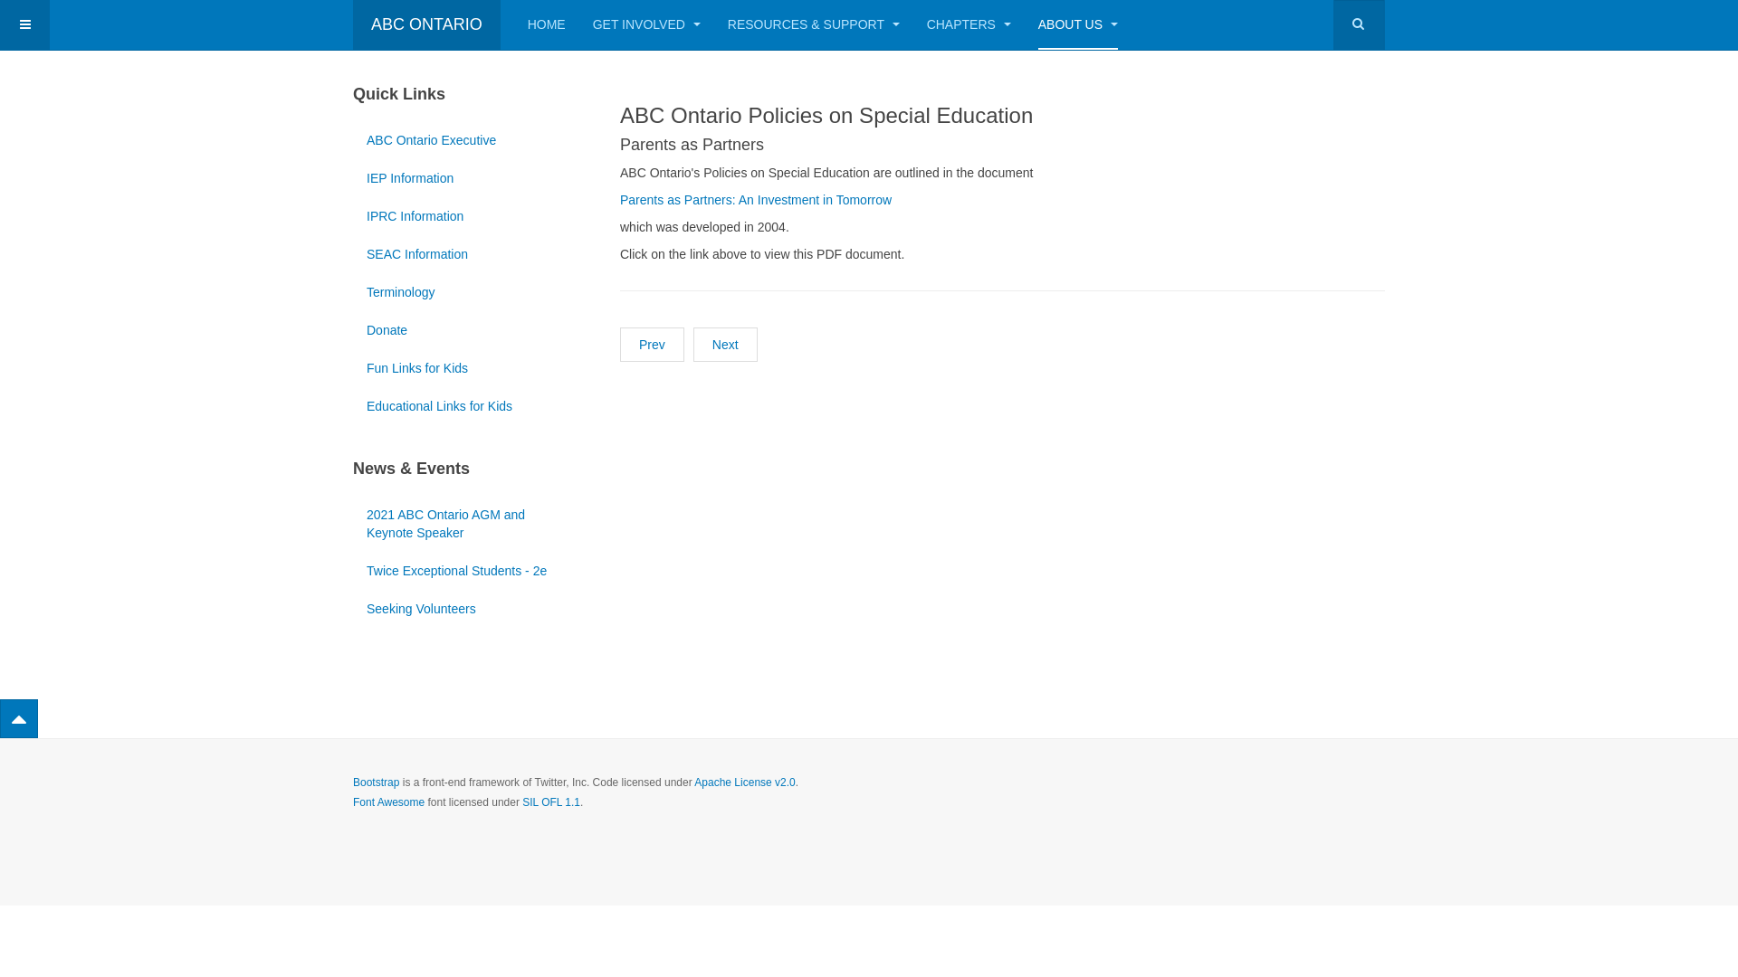  What do you see at coordinates (468, 404) in the screenshot?
I see `'Educational Links for Kids'` at bounding box center [468, 404].